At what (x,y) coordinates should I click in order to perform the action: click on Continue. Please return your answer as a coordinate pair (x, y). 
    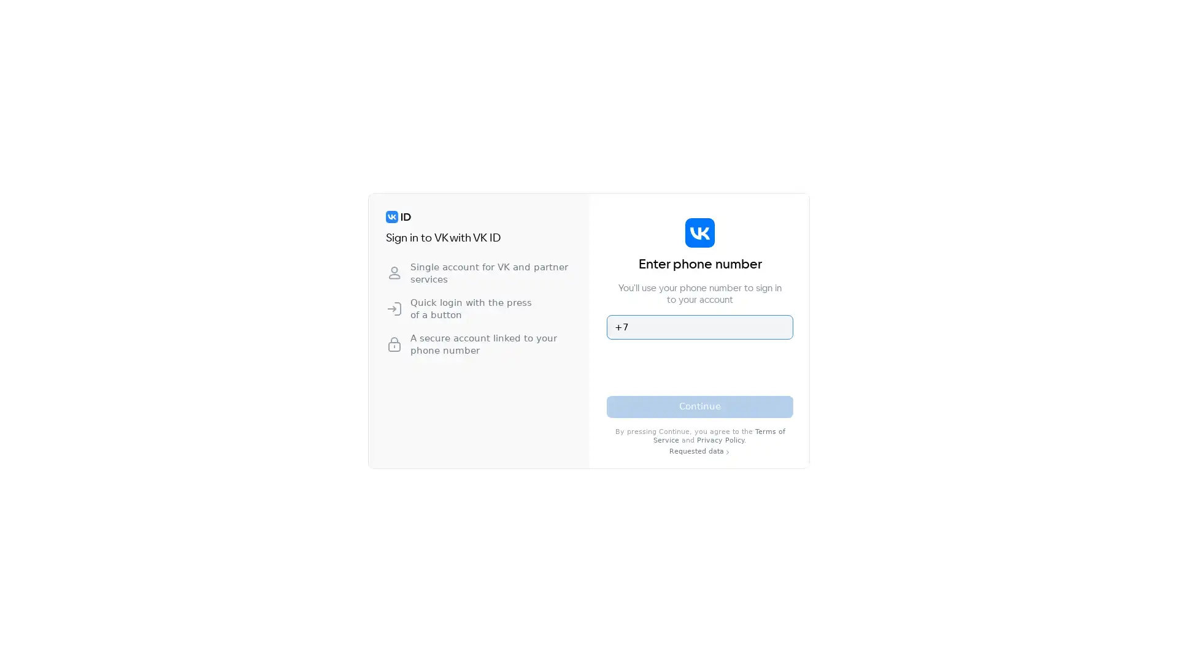
    Looking at the image, I should click on (700, 406).